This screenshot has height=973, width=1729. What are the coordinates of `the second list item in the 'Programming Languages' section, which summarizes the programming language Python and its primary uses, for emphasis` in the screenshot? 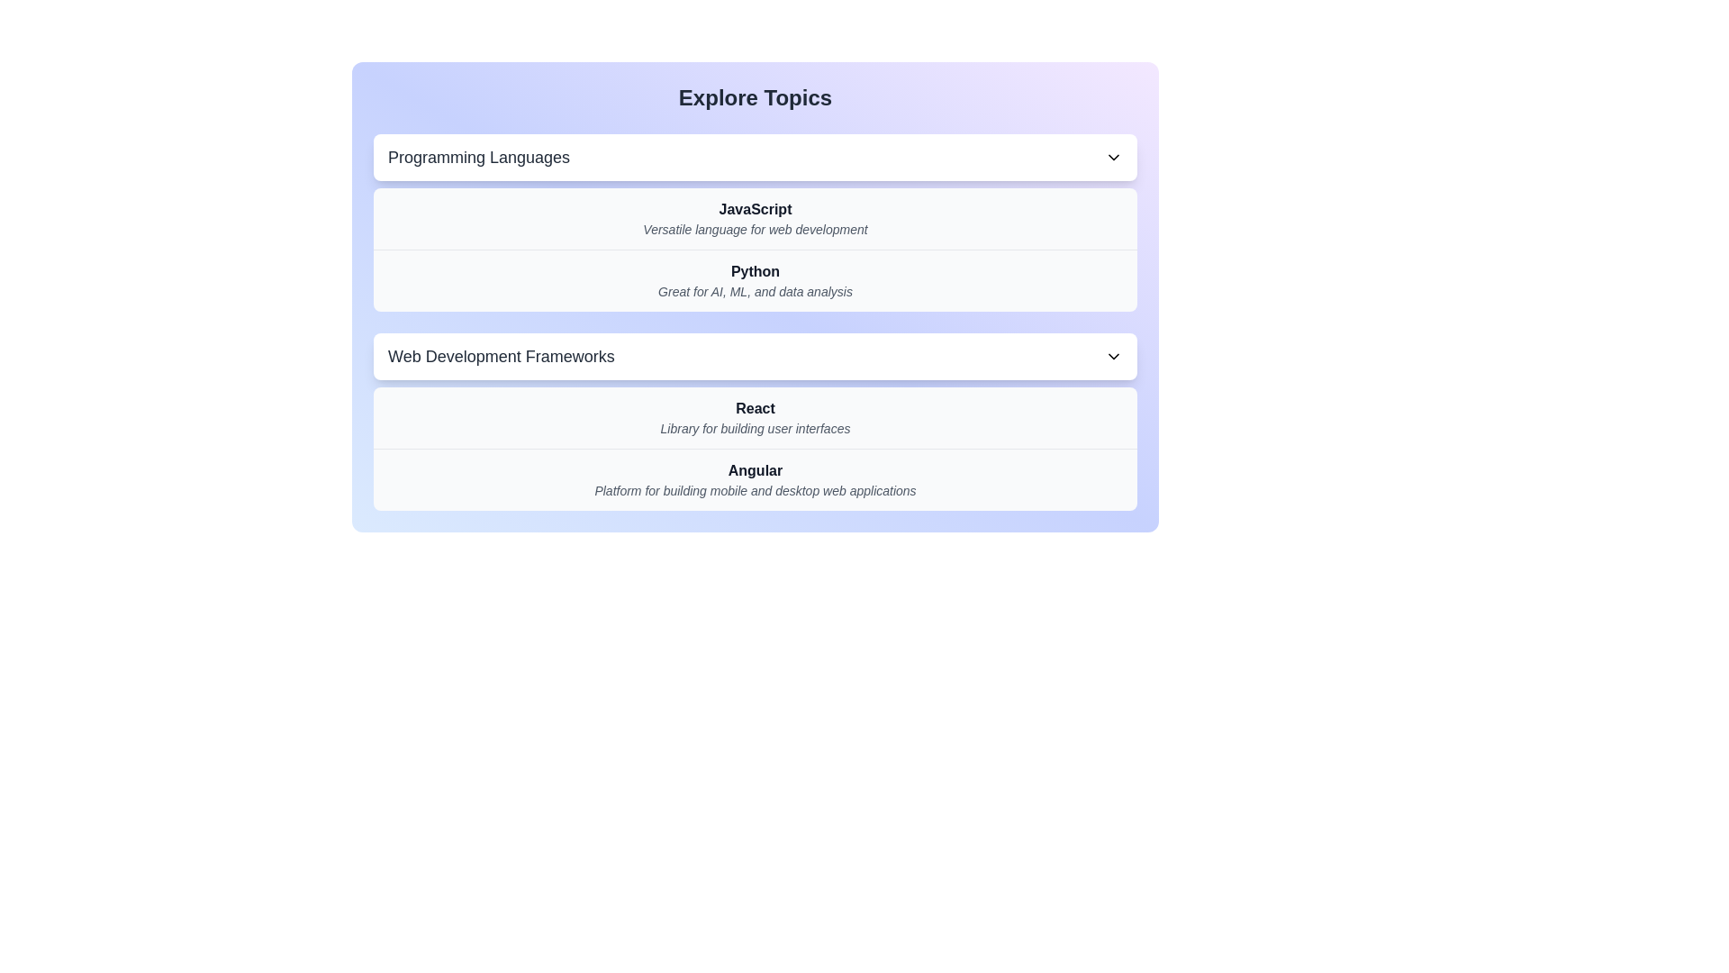 It's located at (756, 280).